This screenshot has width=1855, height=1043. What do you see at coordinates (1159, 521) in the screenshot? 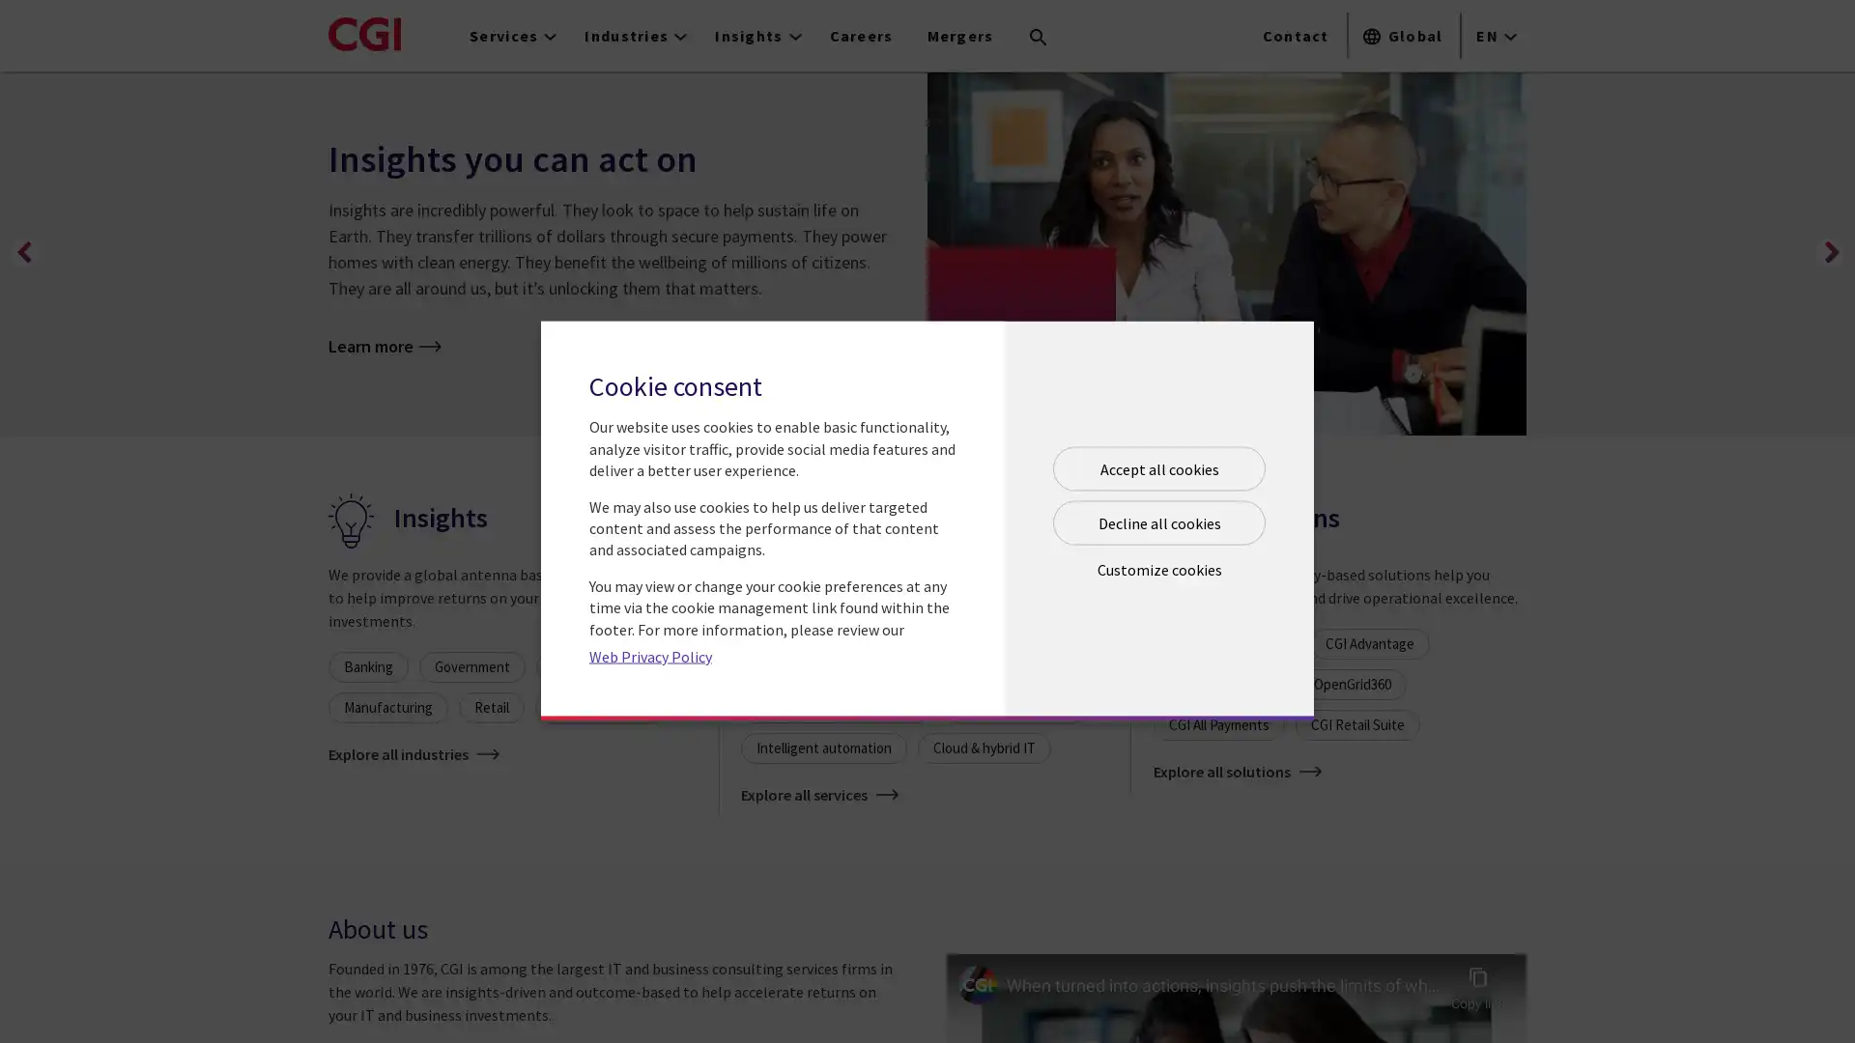
I see `Decline all cookies` at bounding box center [1159, 521].